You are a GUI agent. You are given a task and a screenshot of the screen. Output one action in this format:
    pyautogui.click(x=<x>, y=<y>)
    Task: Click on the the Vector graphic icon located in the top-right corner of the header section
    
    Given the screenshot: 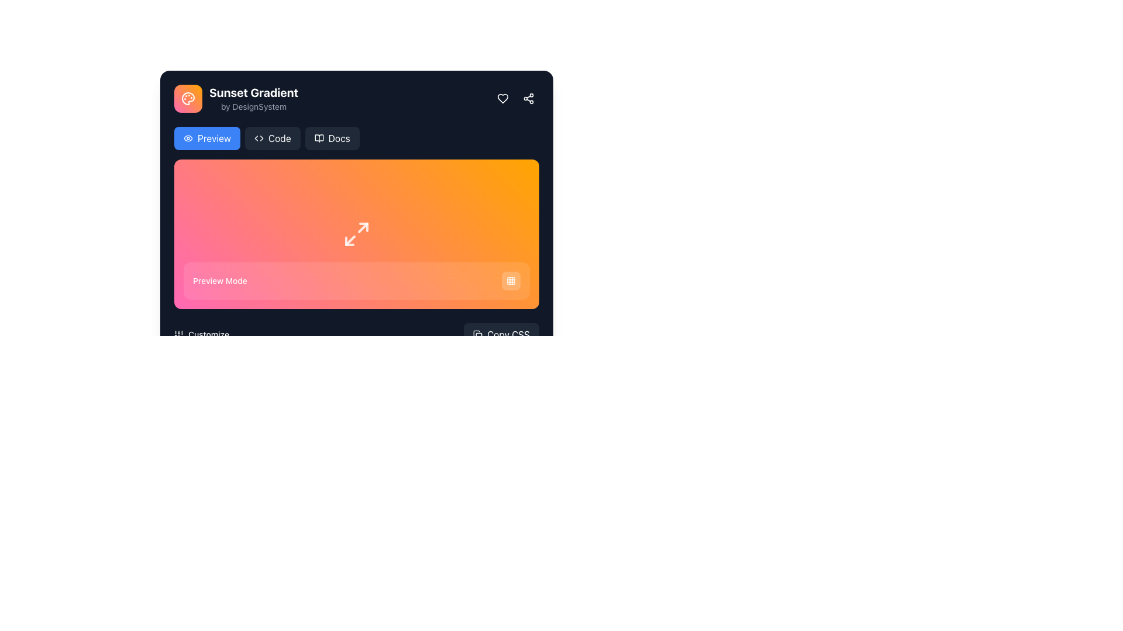 What is the action you would take?
    pyautogui.click(x=502, y=98)
    